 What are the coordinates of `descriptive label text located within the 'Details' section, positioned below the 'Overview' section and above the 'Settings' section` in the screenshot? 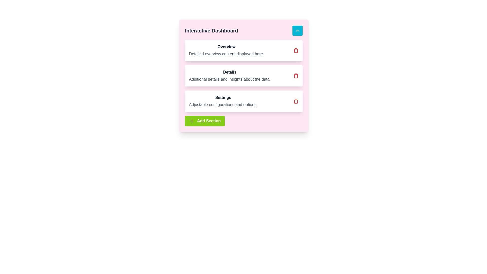 It's located at (230, 79).